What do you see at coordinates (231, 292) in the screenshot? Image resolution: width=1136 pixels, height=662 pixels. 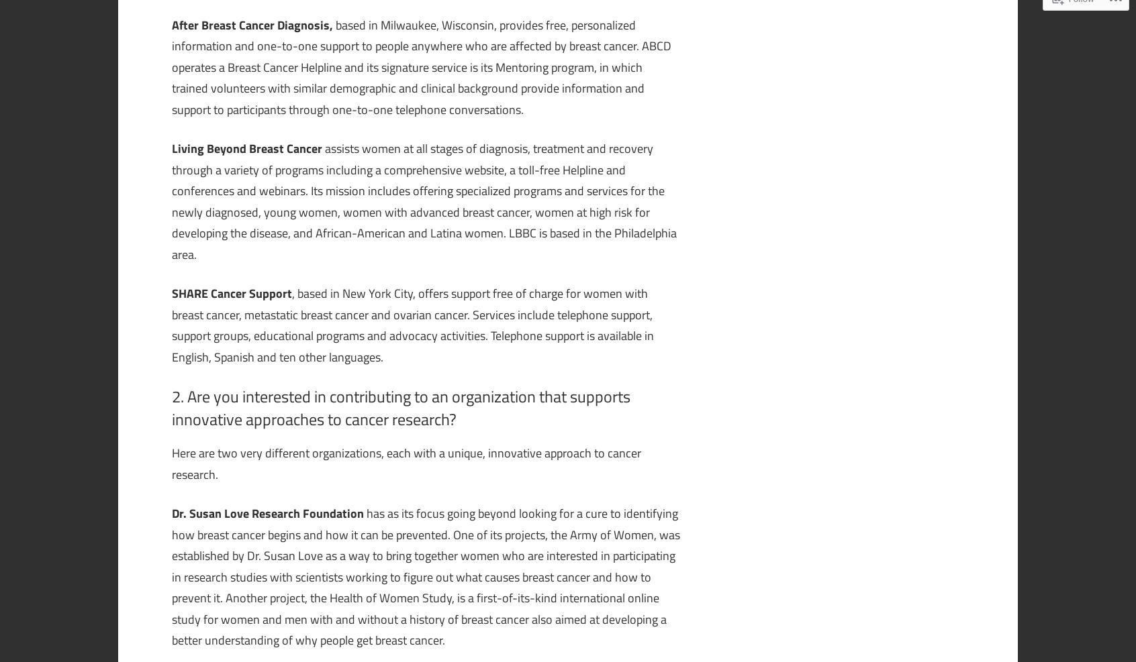 I see `'SHARE Cancer Support'` at bounding box center [231, 292].